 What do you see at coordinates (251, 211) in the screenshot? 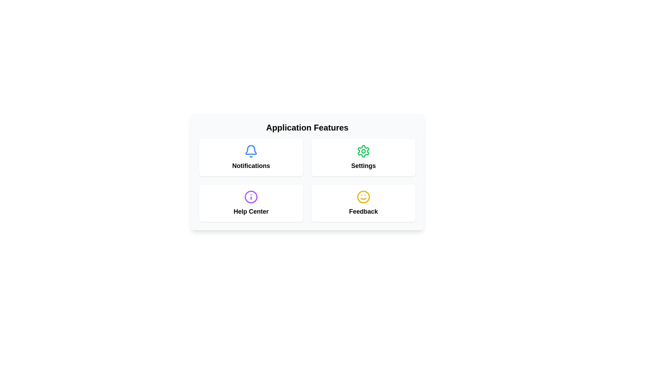
I see `'Help Center' text label, which is a bold, medium-sized sans-serif font located below a purple information icon` at bounding box center [251, 211].